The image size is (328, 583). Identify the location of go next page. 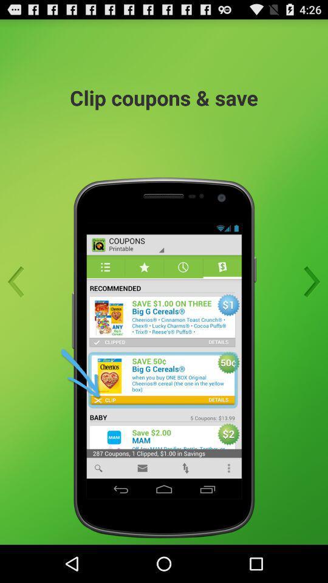
(308, 282).